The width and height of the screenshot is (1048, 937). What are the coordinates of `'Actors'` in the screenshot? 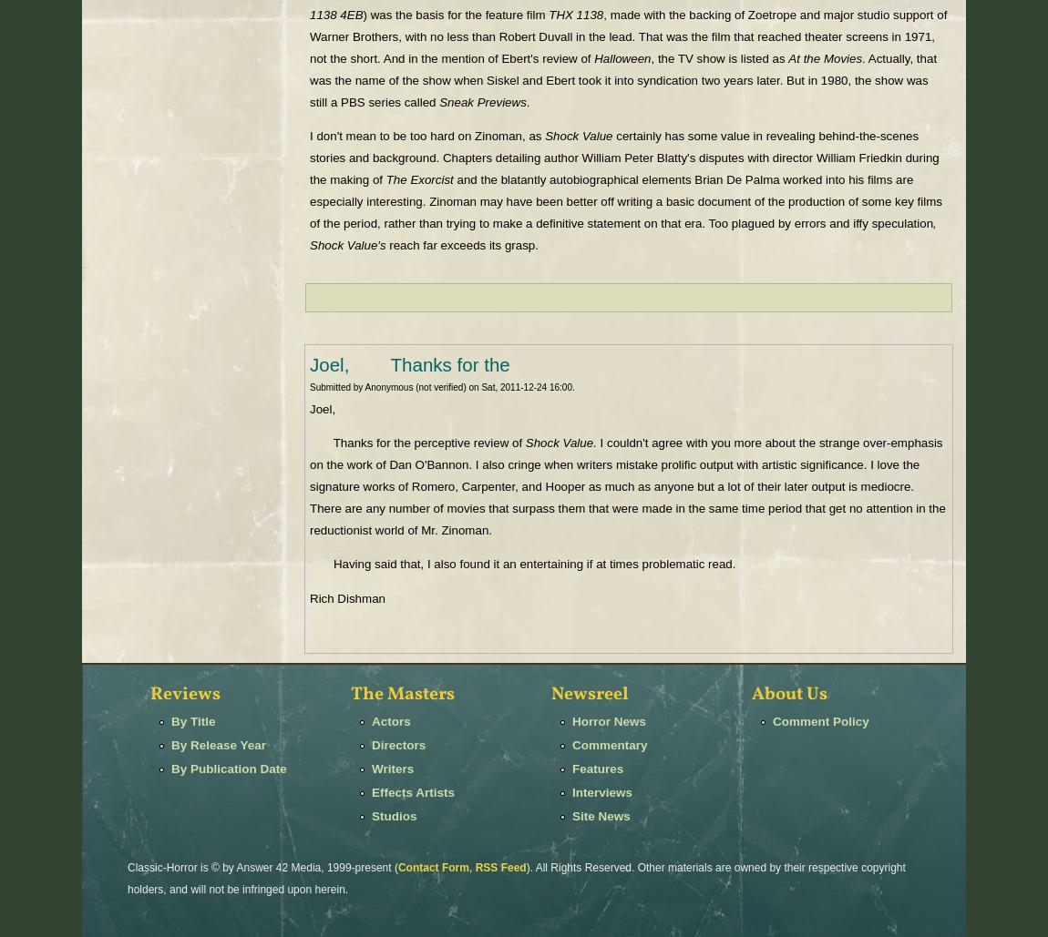 It's located at (390, 720).